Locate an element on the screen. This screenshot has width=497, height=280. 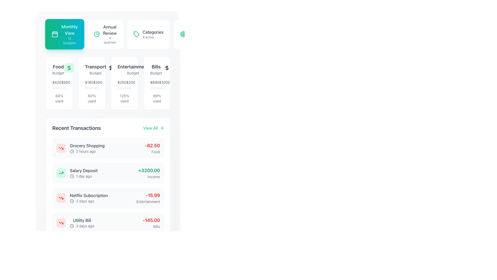
the third entry in the 'Recent Transactions' list which represents the transaction record for 'Netflix Subscription' that occurred '2 days ago' to interact or view details is located at coordinates (82, 198).